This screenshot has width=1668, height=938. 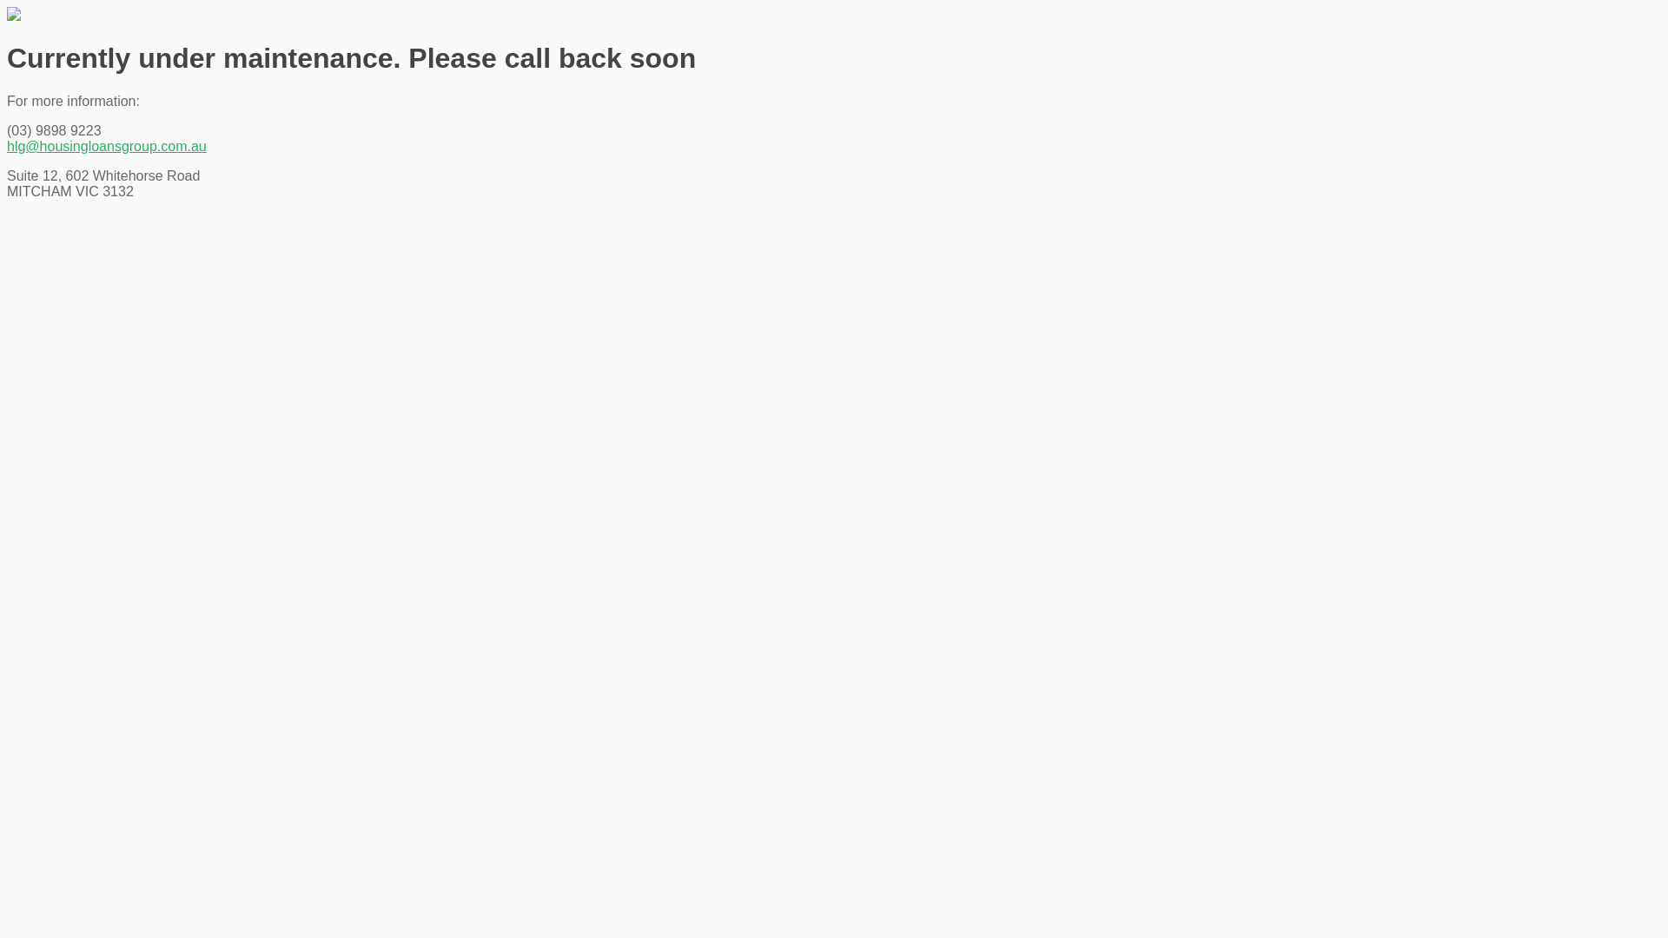 I want to click on 'hlg@housingloansgroup.com.au', so click(x=106, y=145).